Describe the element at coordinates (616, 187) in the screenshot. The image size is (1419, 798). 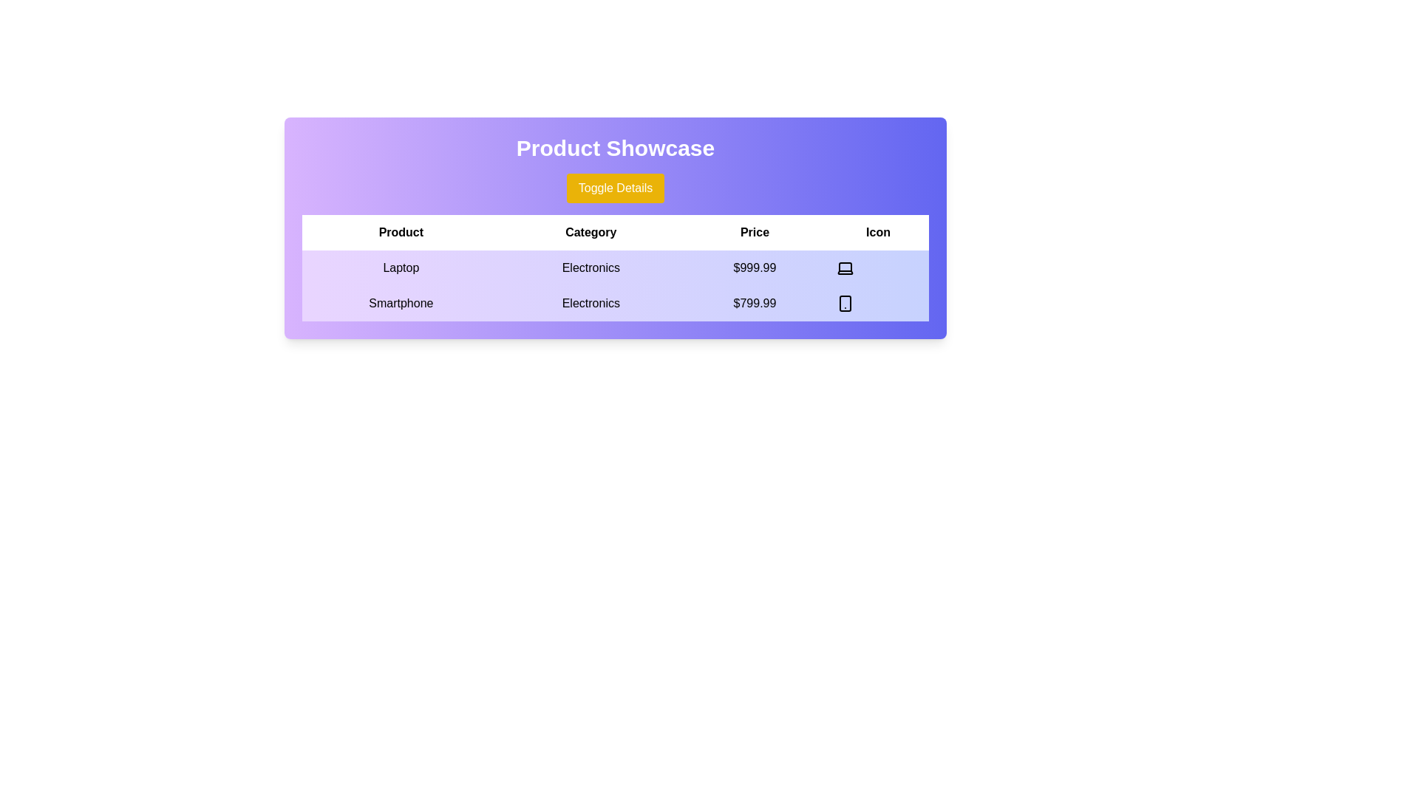
I see `the button located below the 'Product Showcase' heading` at that location.